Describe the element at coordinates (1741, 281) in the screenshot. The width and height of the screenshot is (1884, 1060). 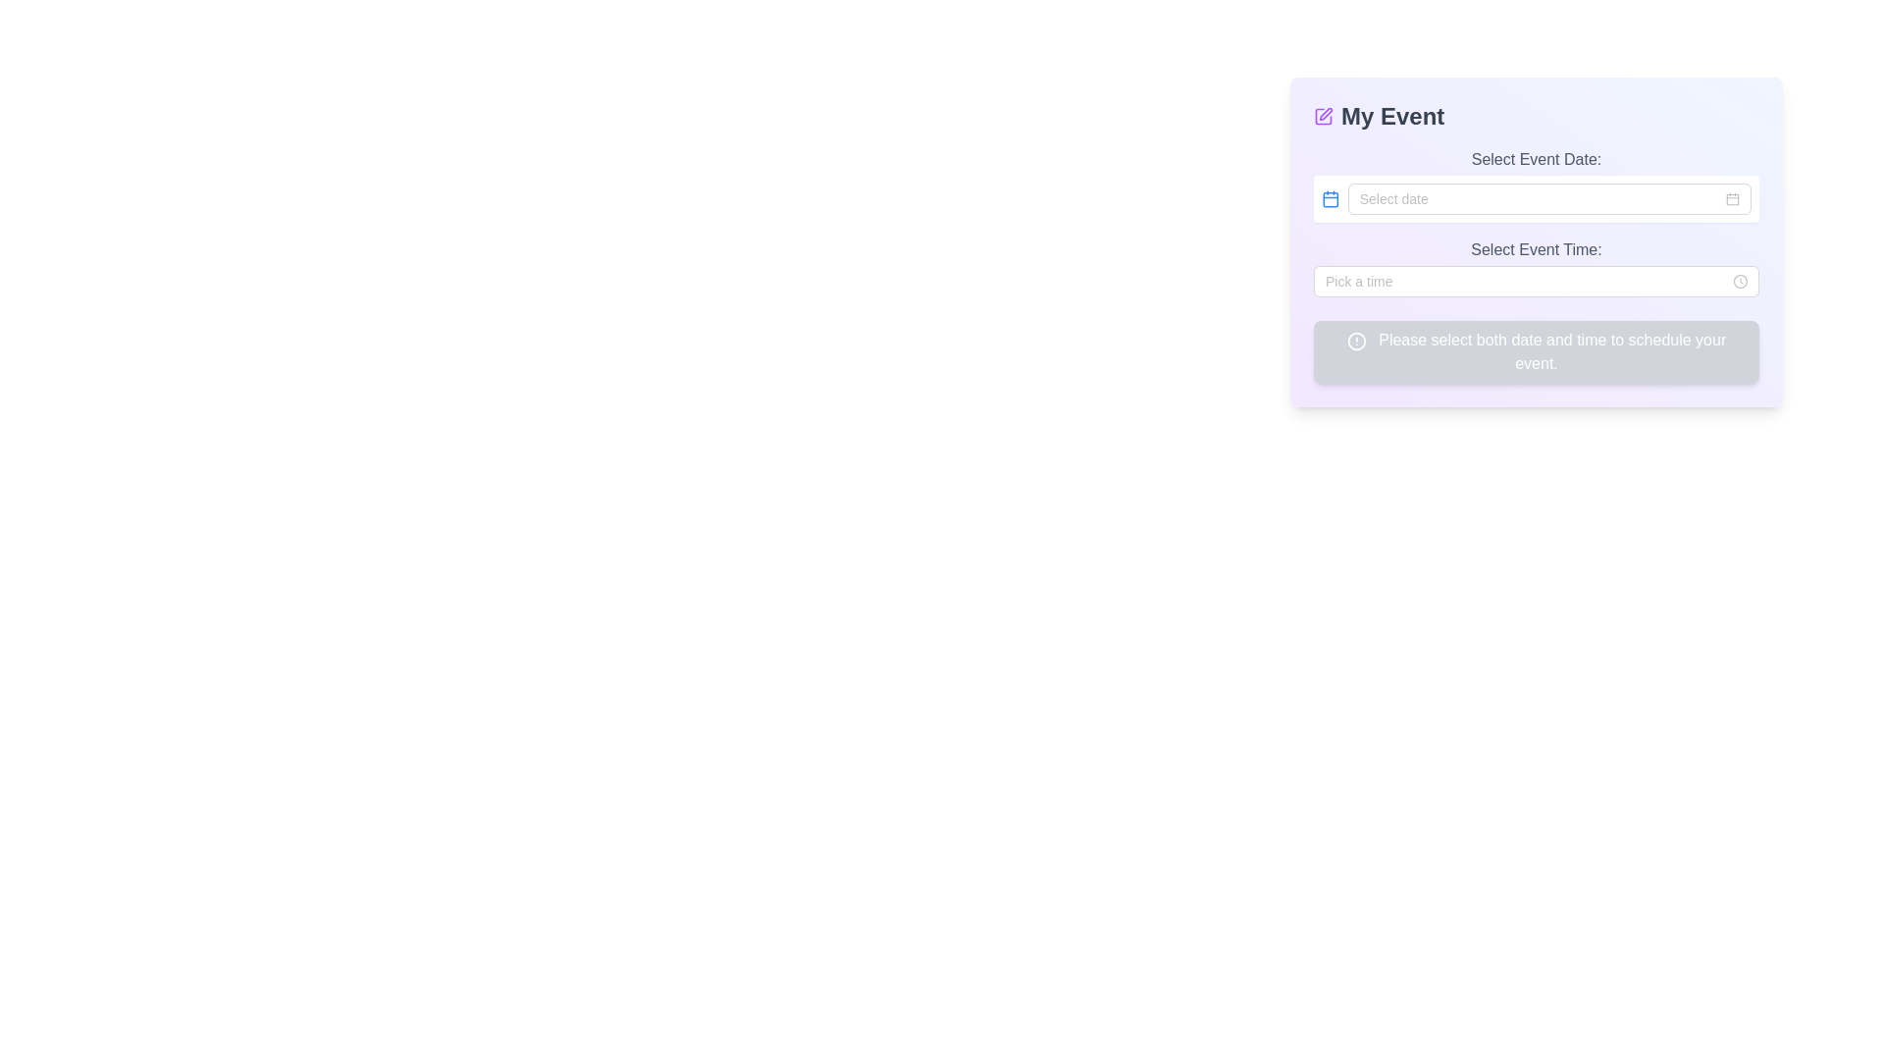
I see `the circular clock icon located at the right edge of the 'Select Event Time' input field` at that location.